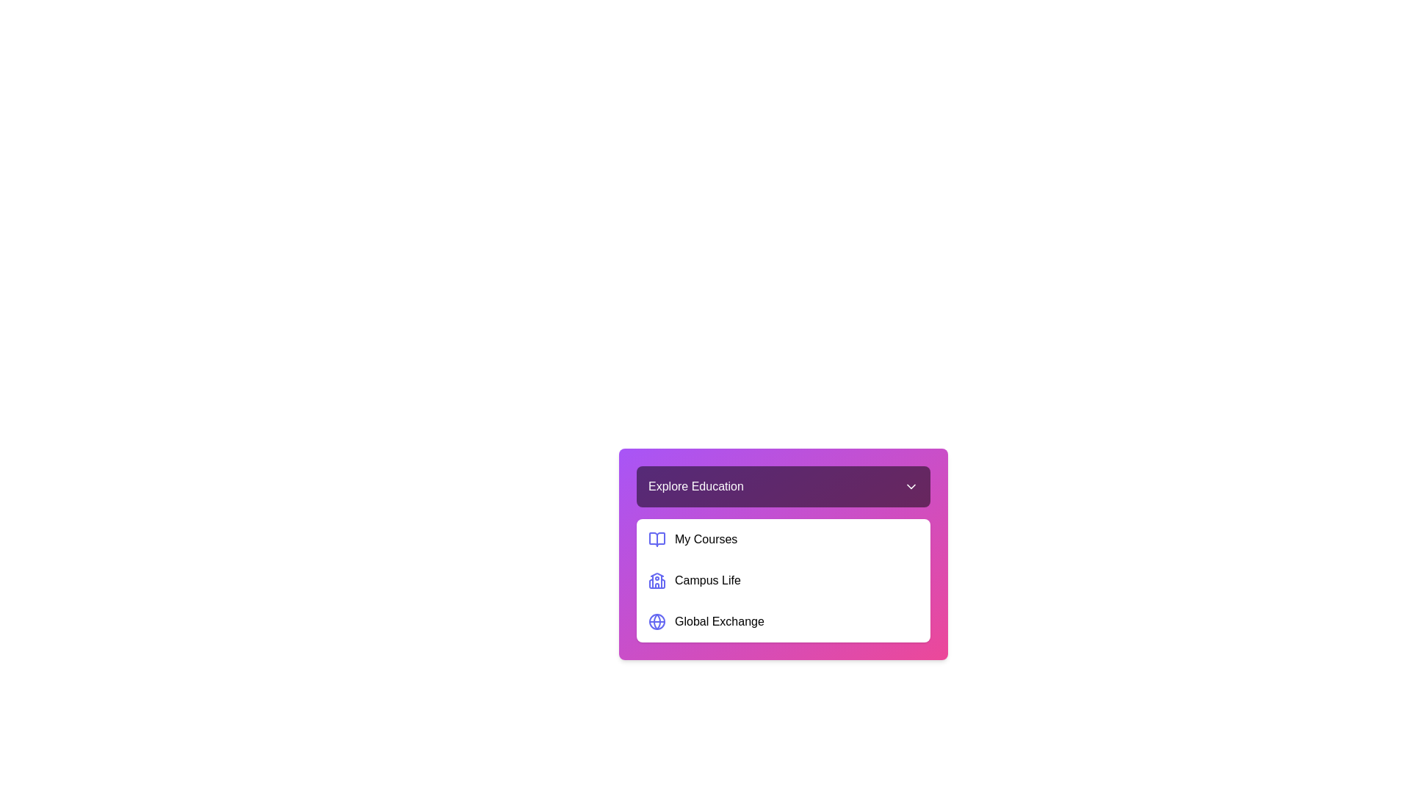 The height and width of the screenshot is (793, 1410). What do you see at coordinates (656, 574) in the screenshot?
I see `the triangular roof-like structure of the school icon, which is a vector graphic feature located centrally in the top area of the icon` at bounding box center [656, 574].